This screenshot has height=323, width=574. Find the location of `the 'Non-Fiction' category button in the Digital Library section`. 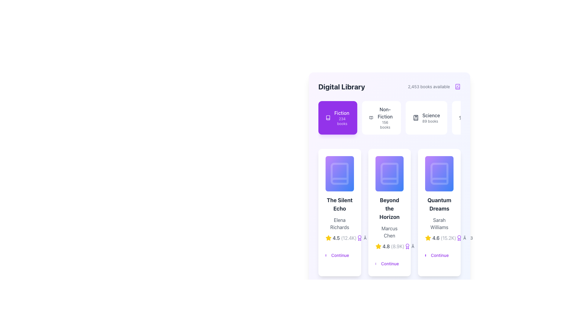

the 'Non-Fiction' category button in the Digital Library section is located at coordinates (389, 120).